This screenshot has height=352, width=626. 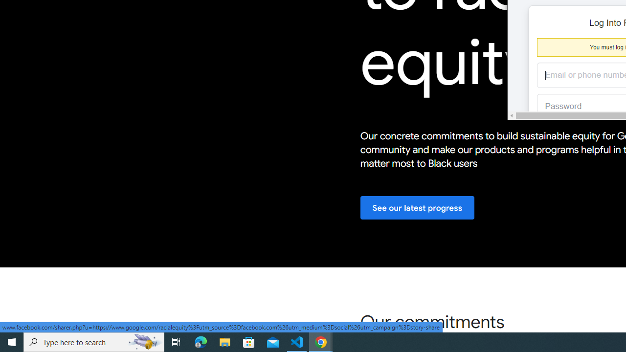 I want to click on 'Google Chrome - 4 running windows', so click(x=321, y=341).